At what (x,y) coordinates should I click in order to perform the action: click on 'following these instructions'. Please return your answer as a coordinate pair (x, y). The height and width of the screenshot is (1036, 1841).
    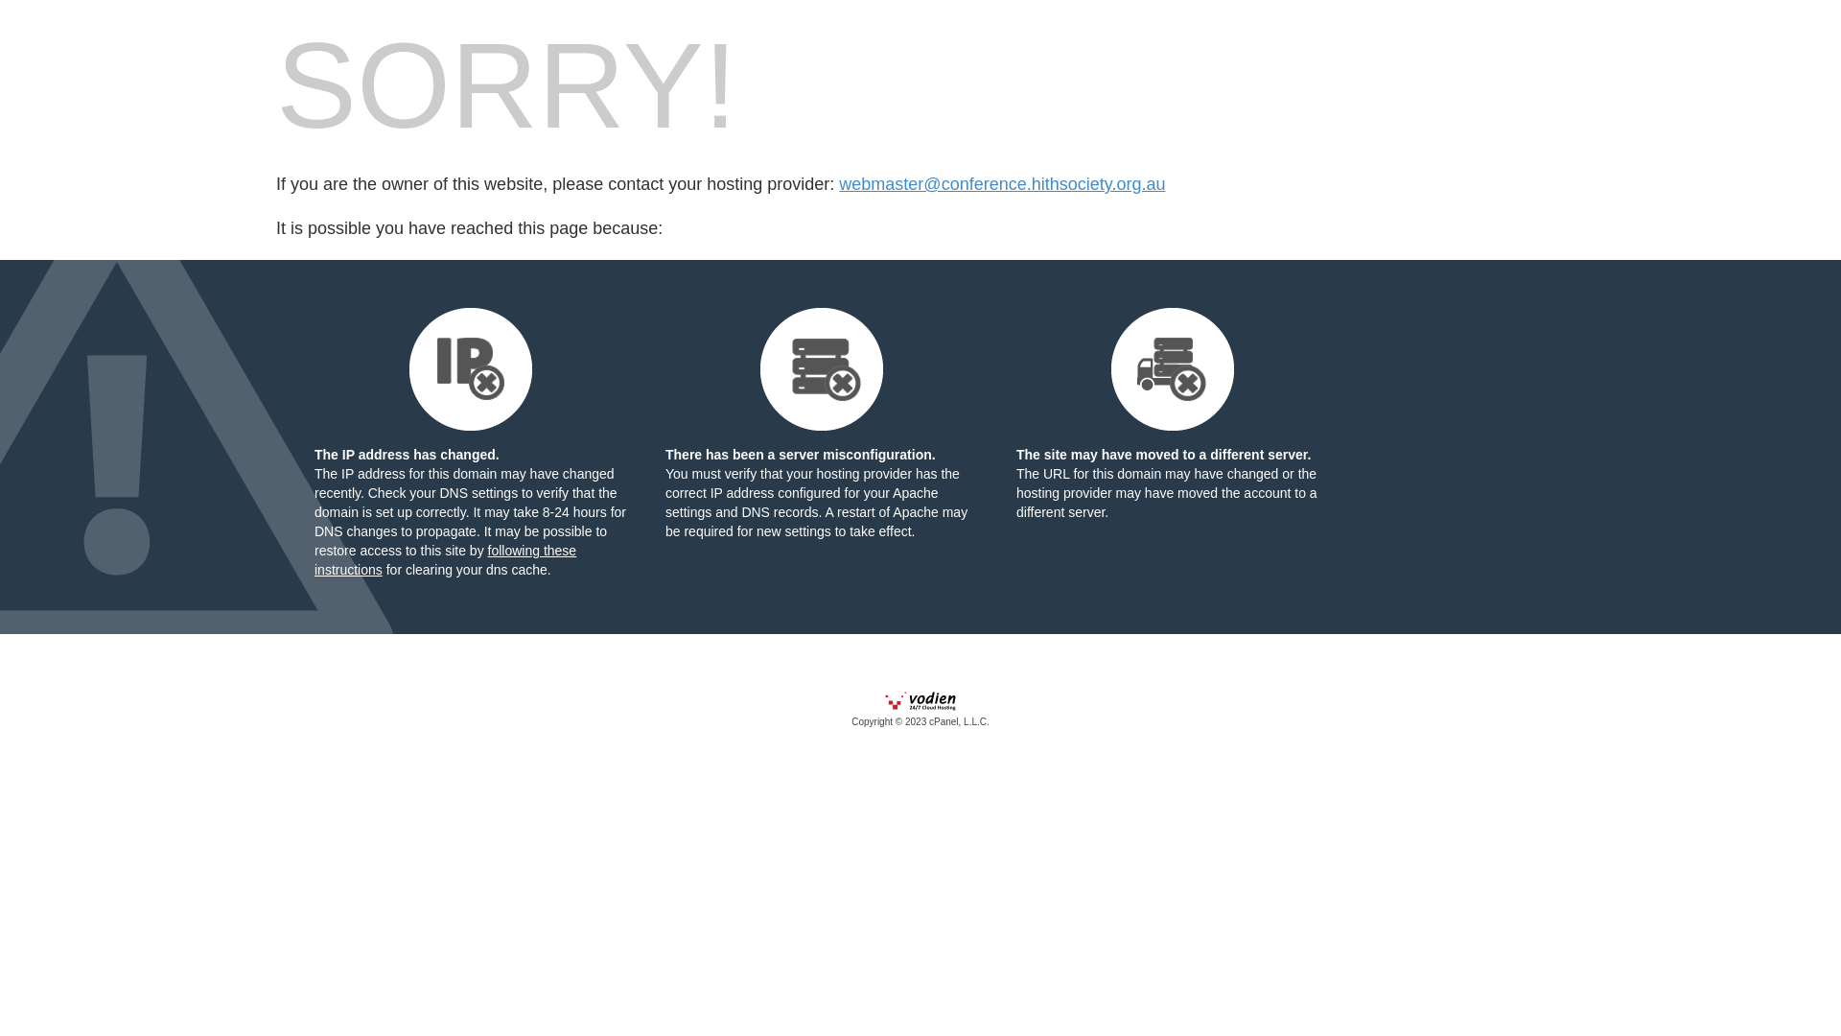
    Looking at the image, I should click on (444, 559).